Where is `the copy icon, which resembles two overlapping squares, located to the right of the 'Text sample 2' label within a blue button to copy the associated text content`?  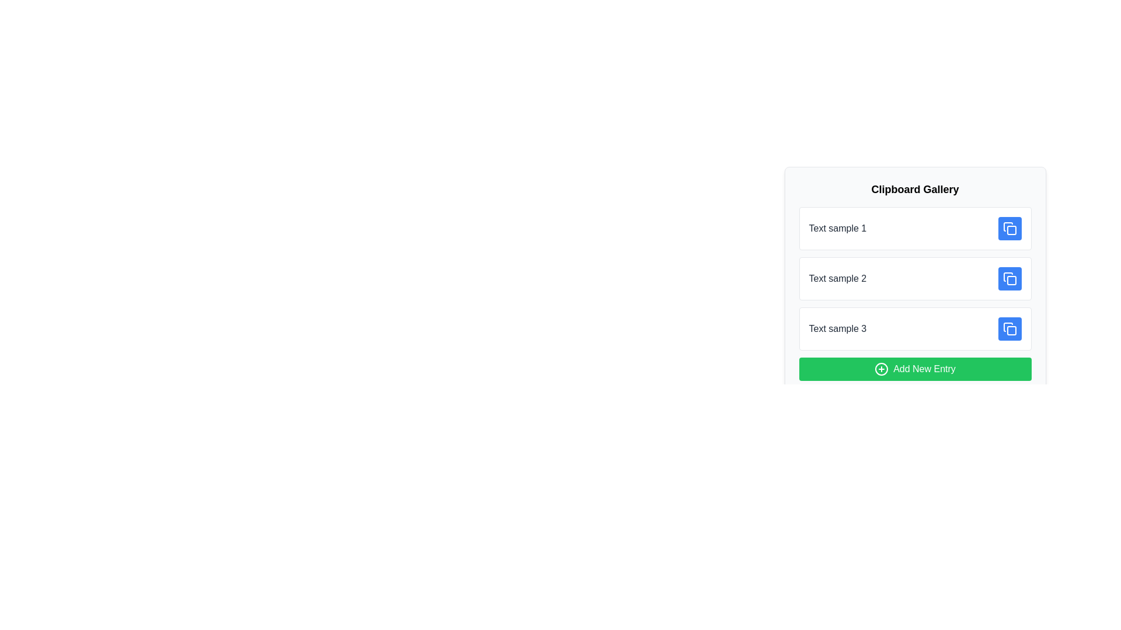
the copy icon, which resembles two overlapping squares, located to the right of the 'Text sample 2' label within a blue button to copy the associated text content is located at coordinates (1009, 279).